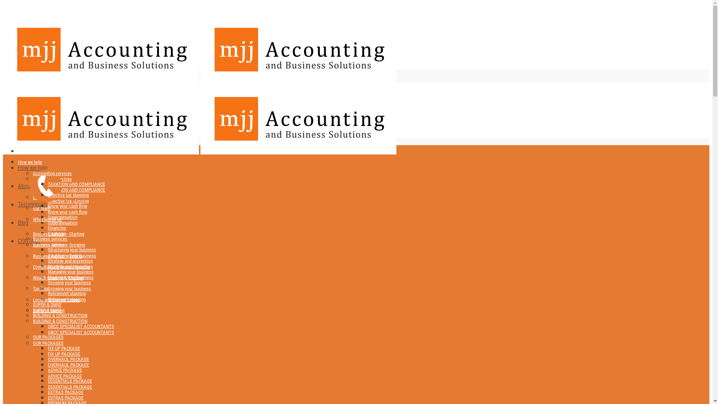  Describe the element at coordinates (58, 278) in the screenshot. I see `'Wealth Creation & Strategy'` at that location.